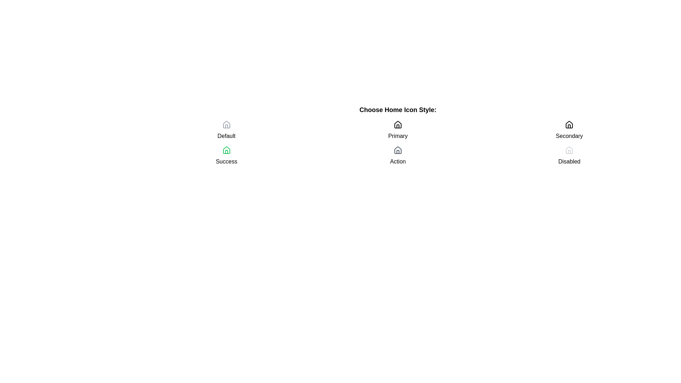 This screenshot has width=681, height=383. What do you see at coordinates (569, 130) in the screenshot?
I see `the 'Secondary' icon with label, which is the third item in the top row of the grid and features a house-shaped icon above the text 'Secondary'` at bounding box center [569, 130].